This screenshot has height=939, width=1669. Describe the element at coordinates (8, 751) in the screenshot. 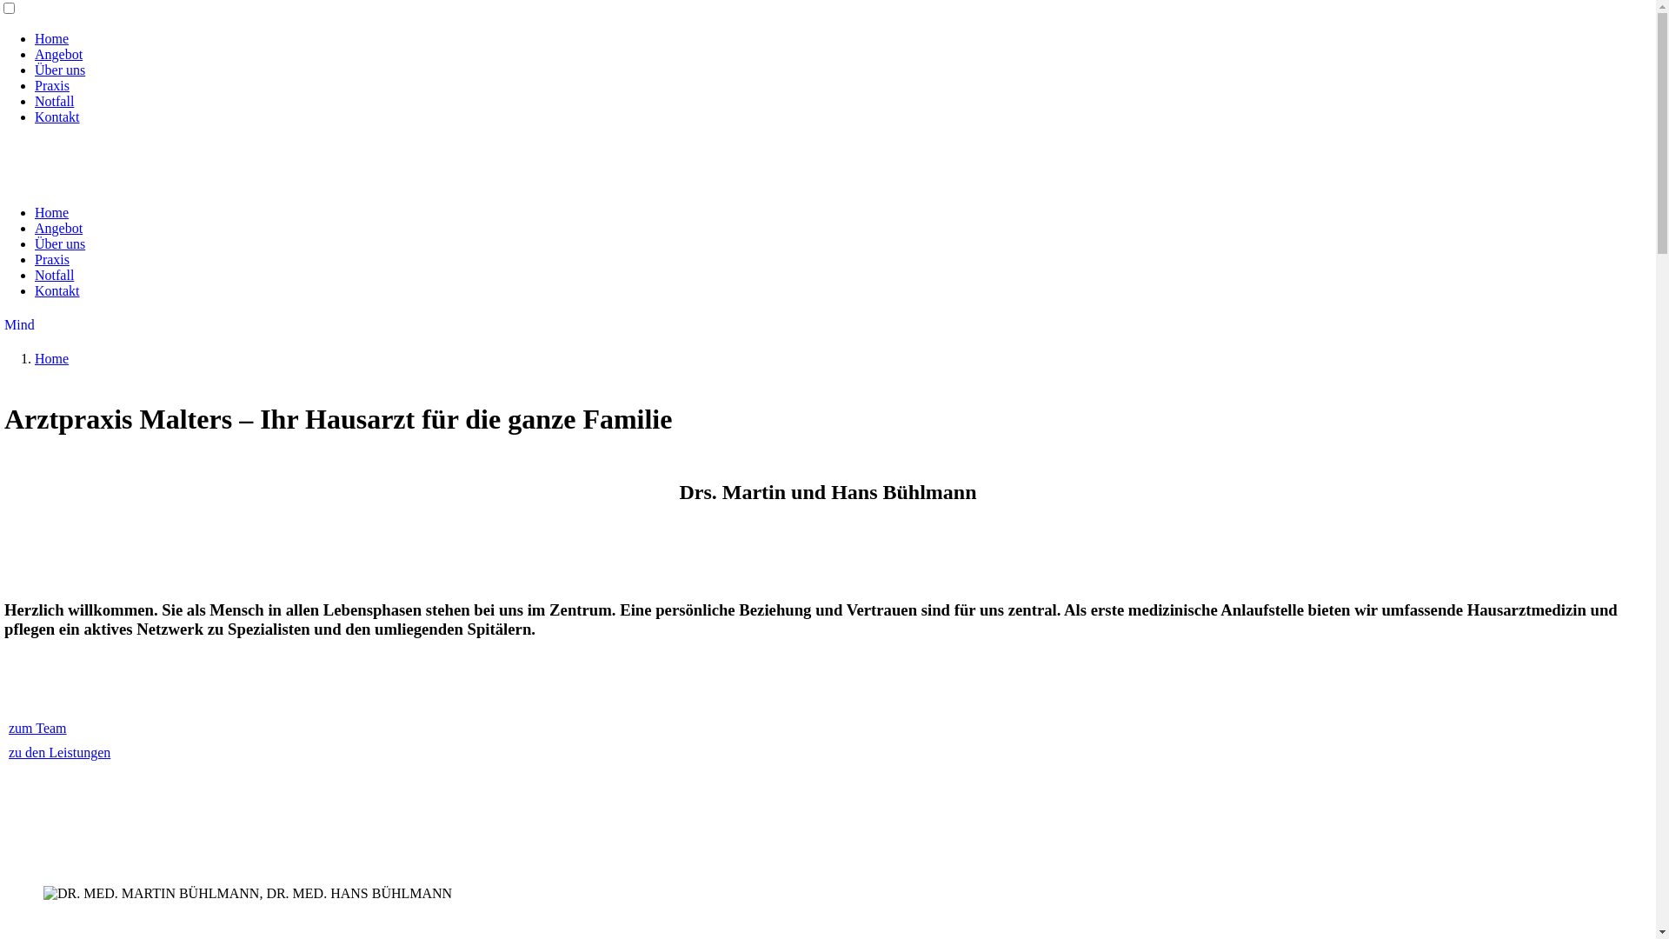

I see `'zu den Leistungen'` at that location.